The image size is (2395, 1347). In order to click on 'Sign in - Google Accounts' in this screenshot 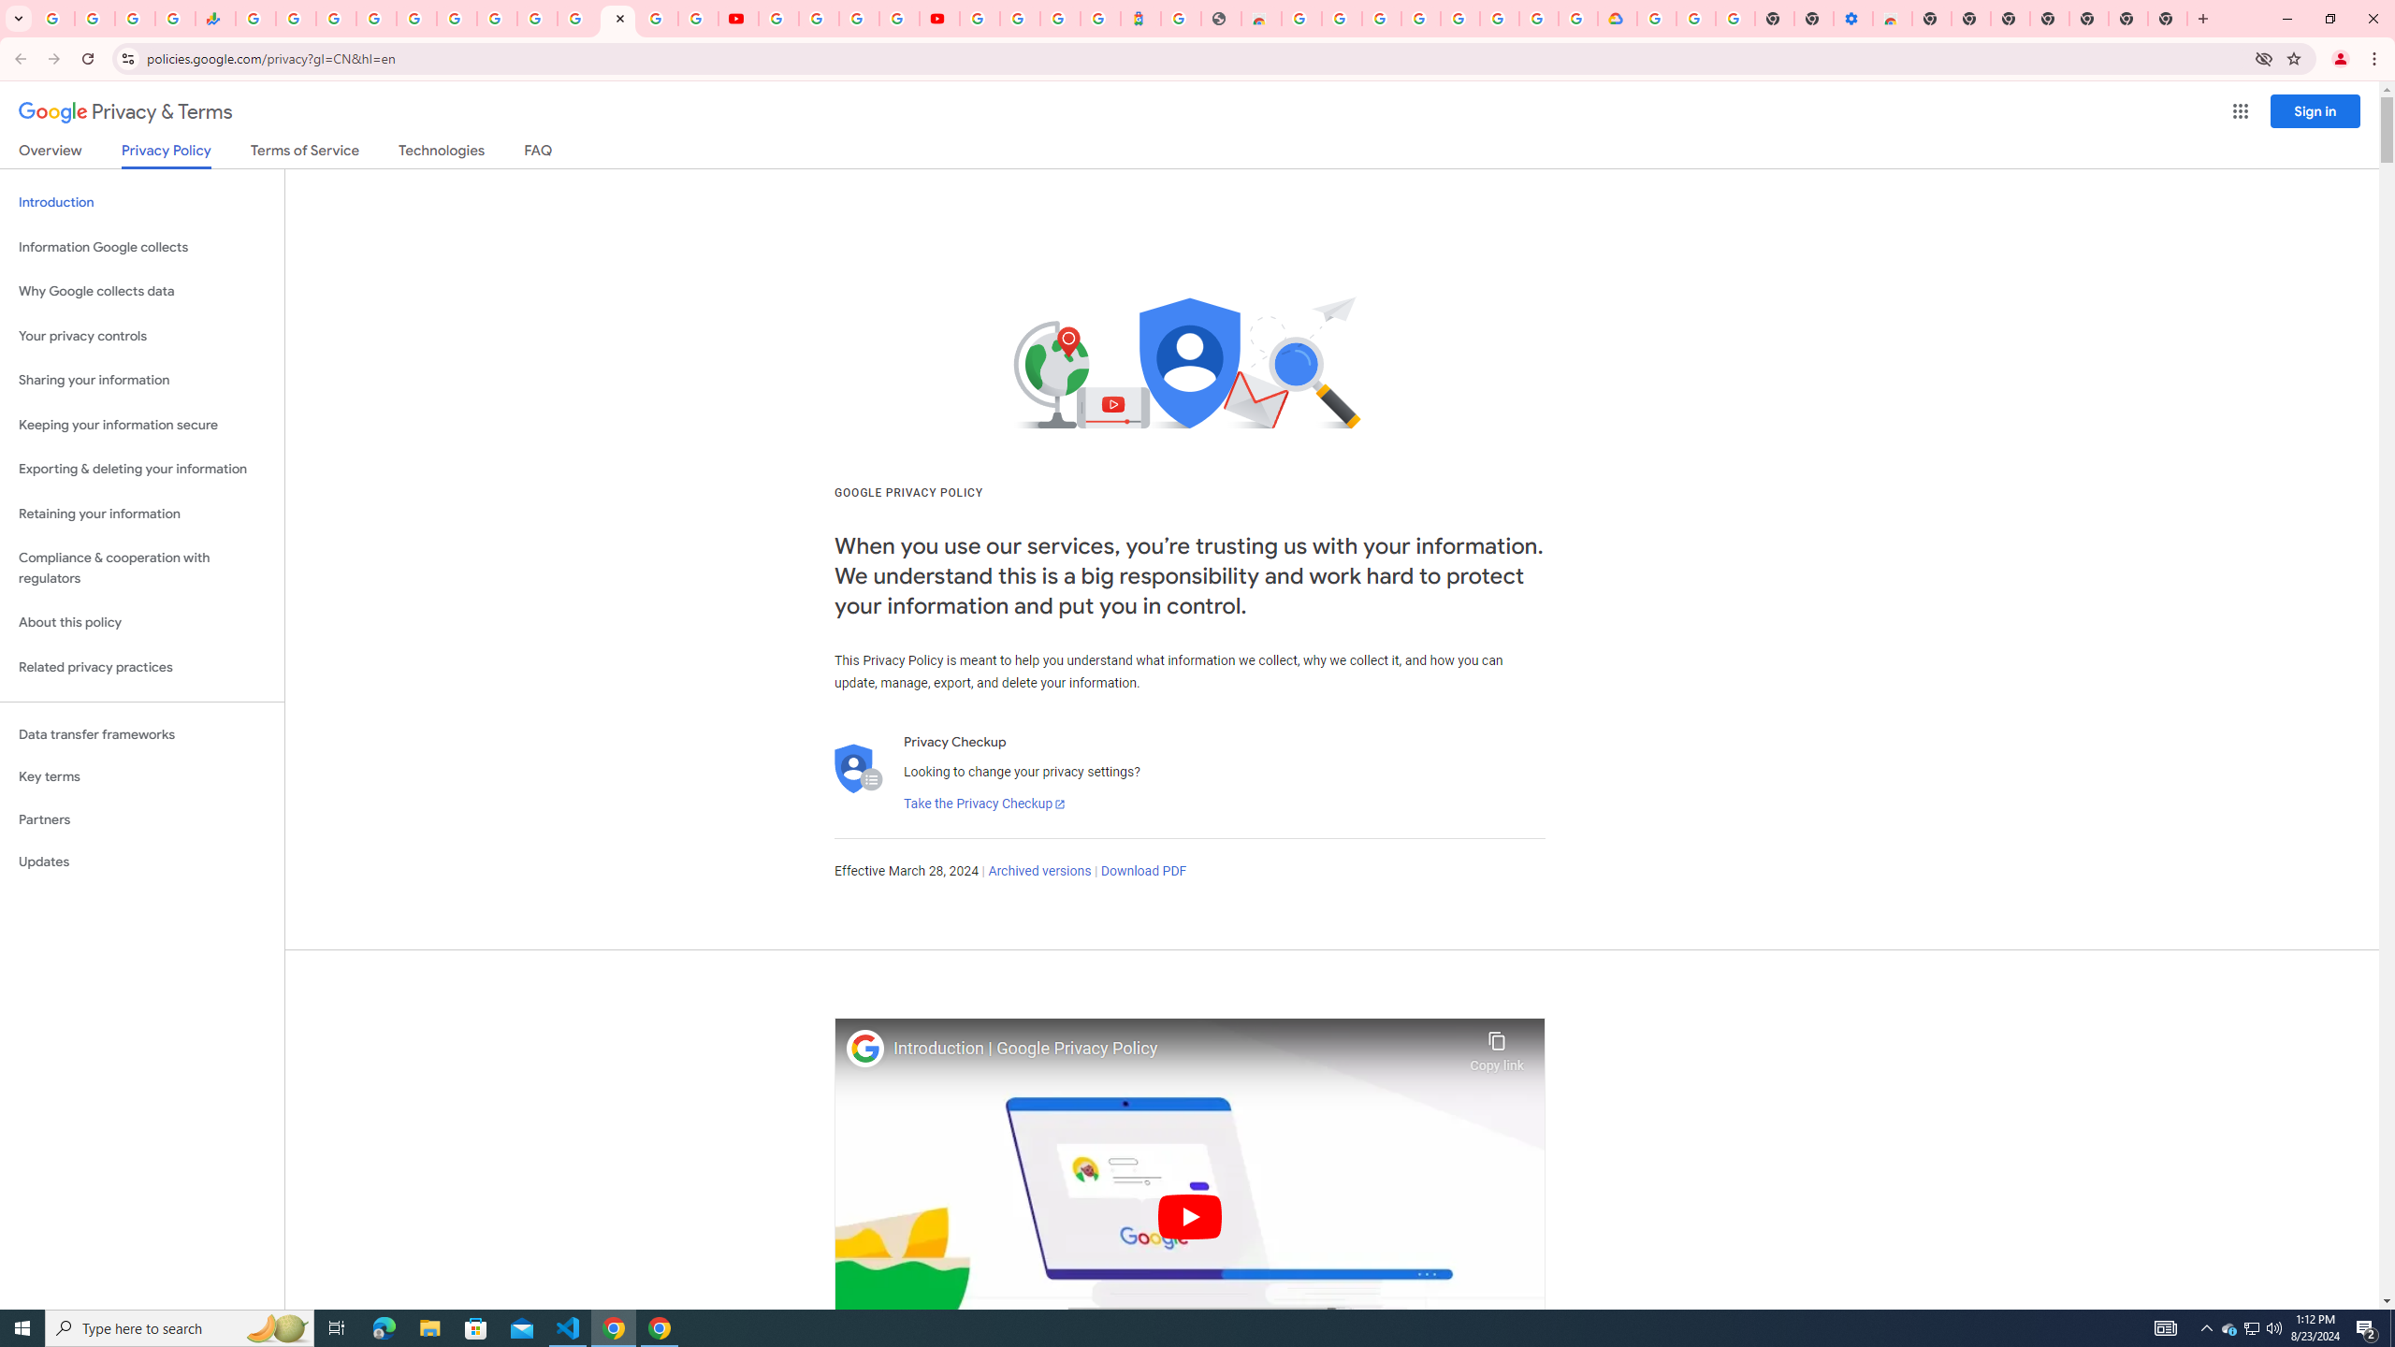, I will do `click(374, 18)`.